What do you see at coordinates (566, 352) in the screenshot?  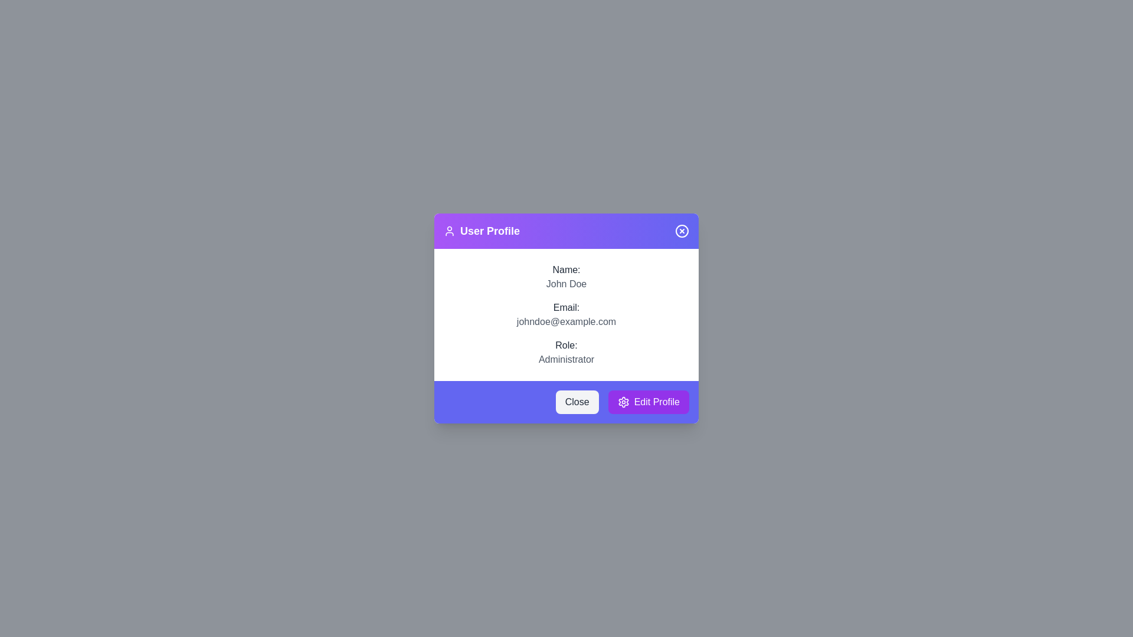 I see `the static text field displaying 'Role: Administrator', which is the third item in the user information list, directly below the email entry` at bounding box center [566, 352].